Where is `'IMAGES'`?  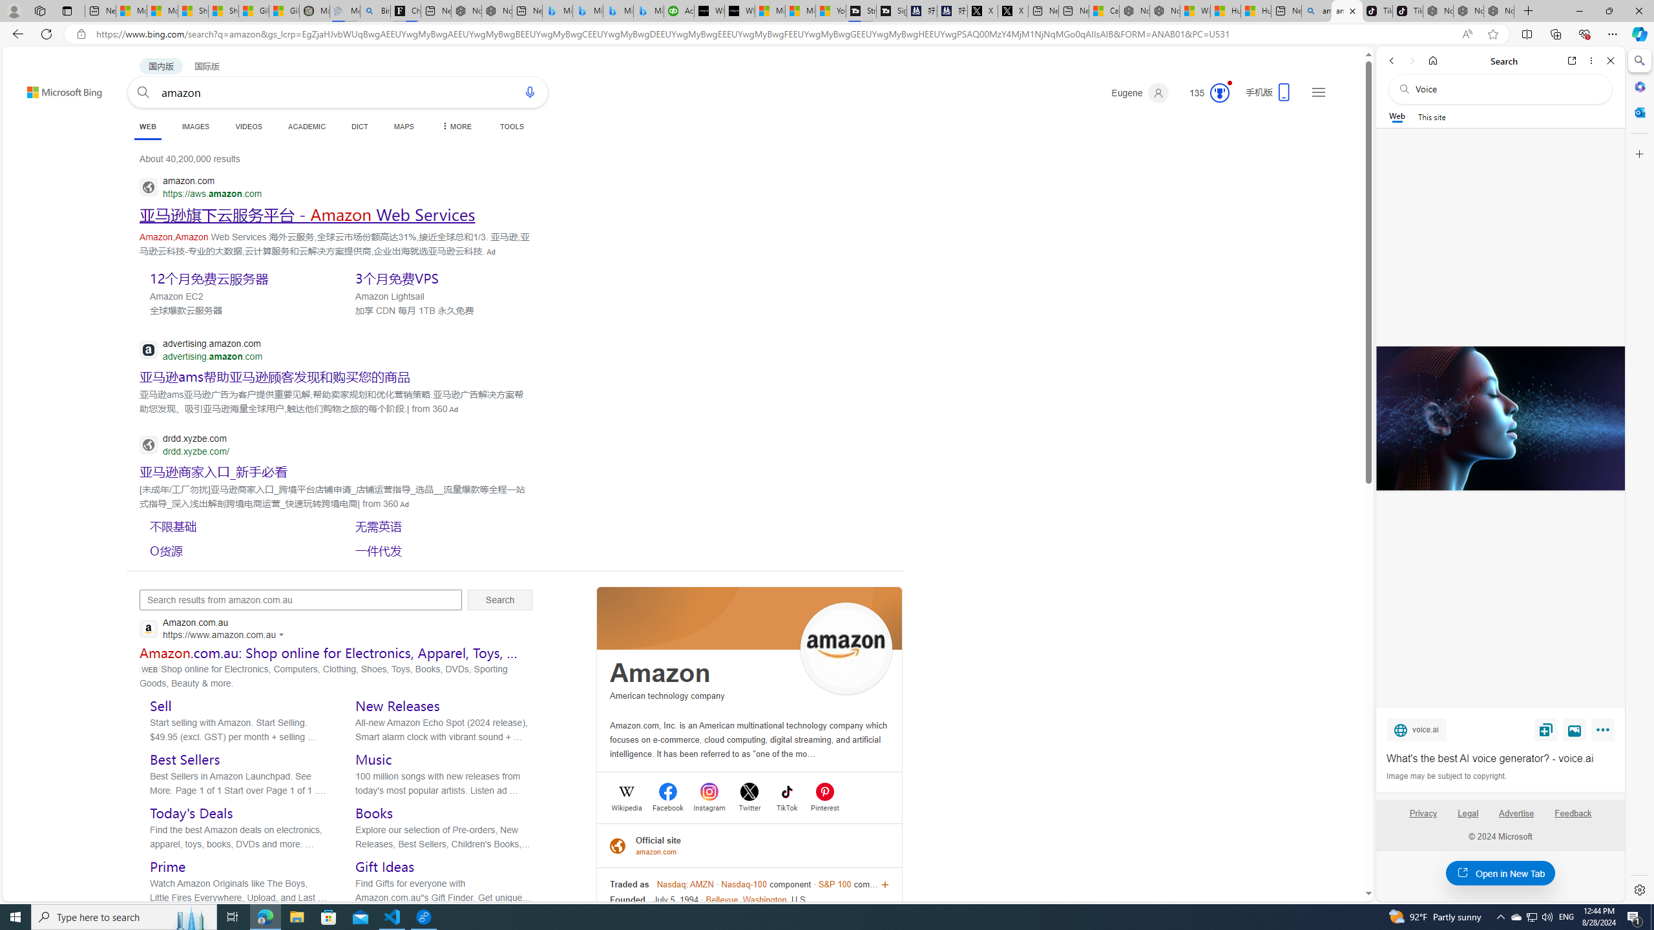
'IMAGES' is located at coordinates (195, 126).